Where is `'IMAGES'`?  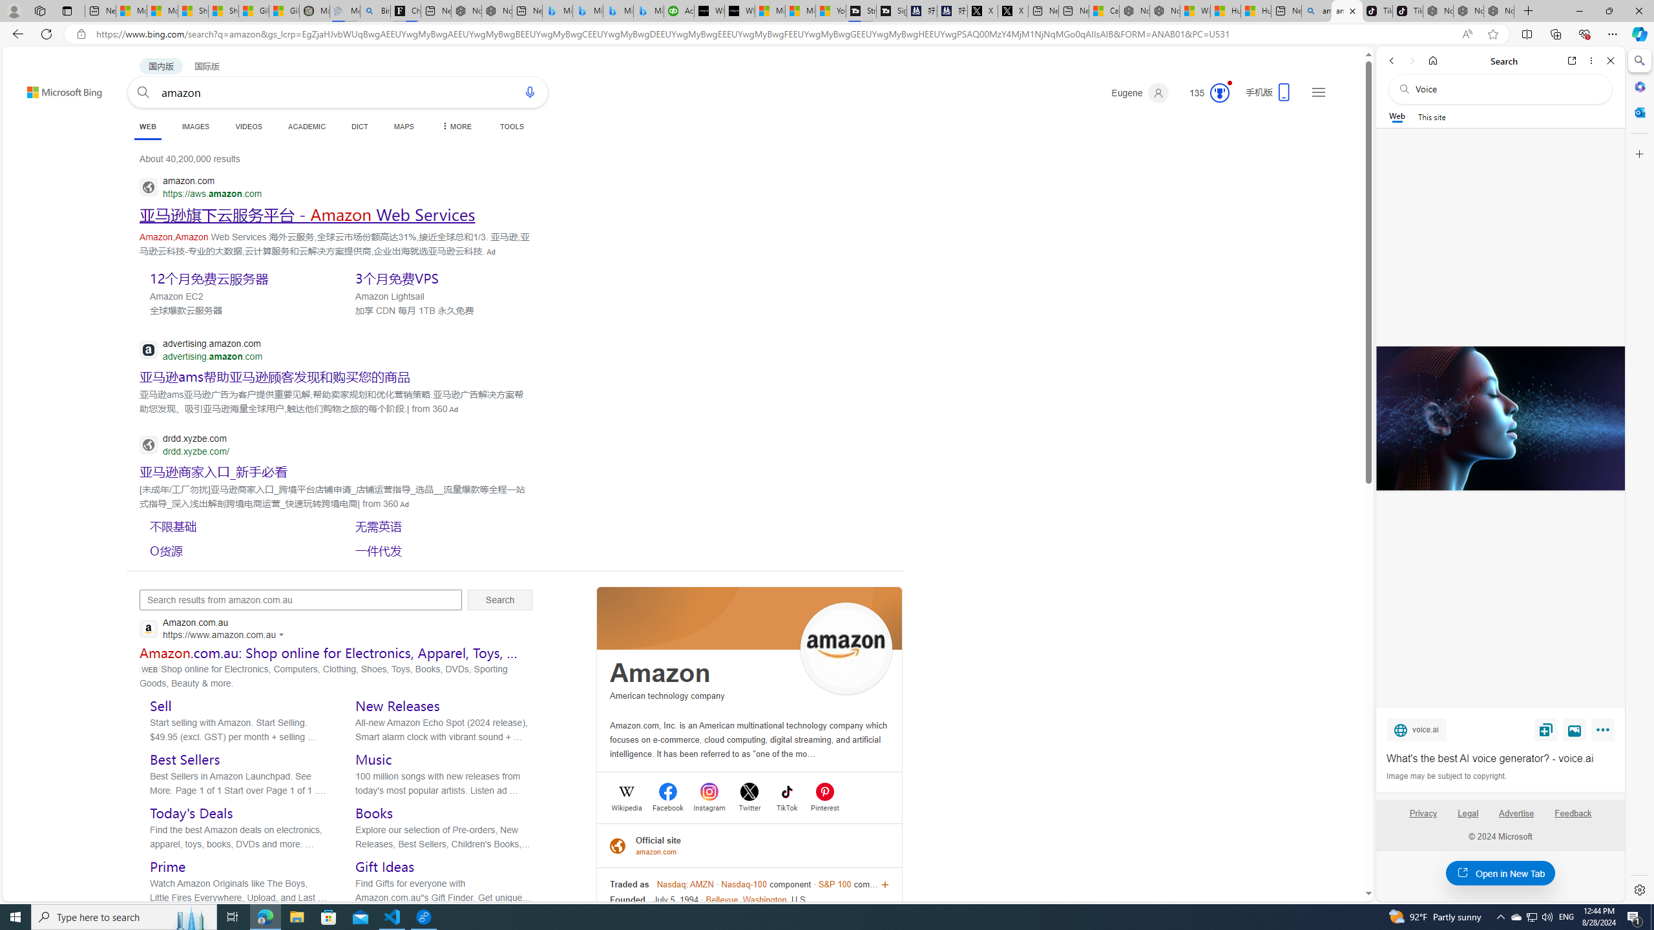
'IMAGES' is located at coordinates (195, 126).